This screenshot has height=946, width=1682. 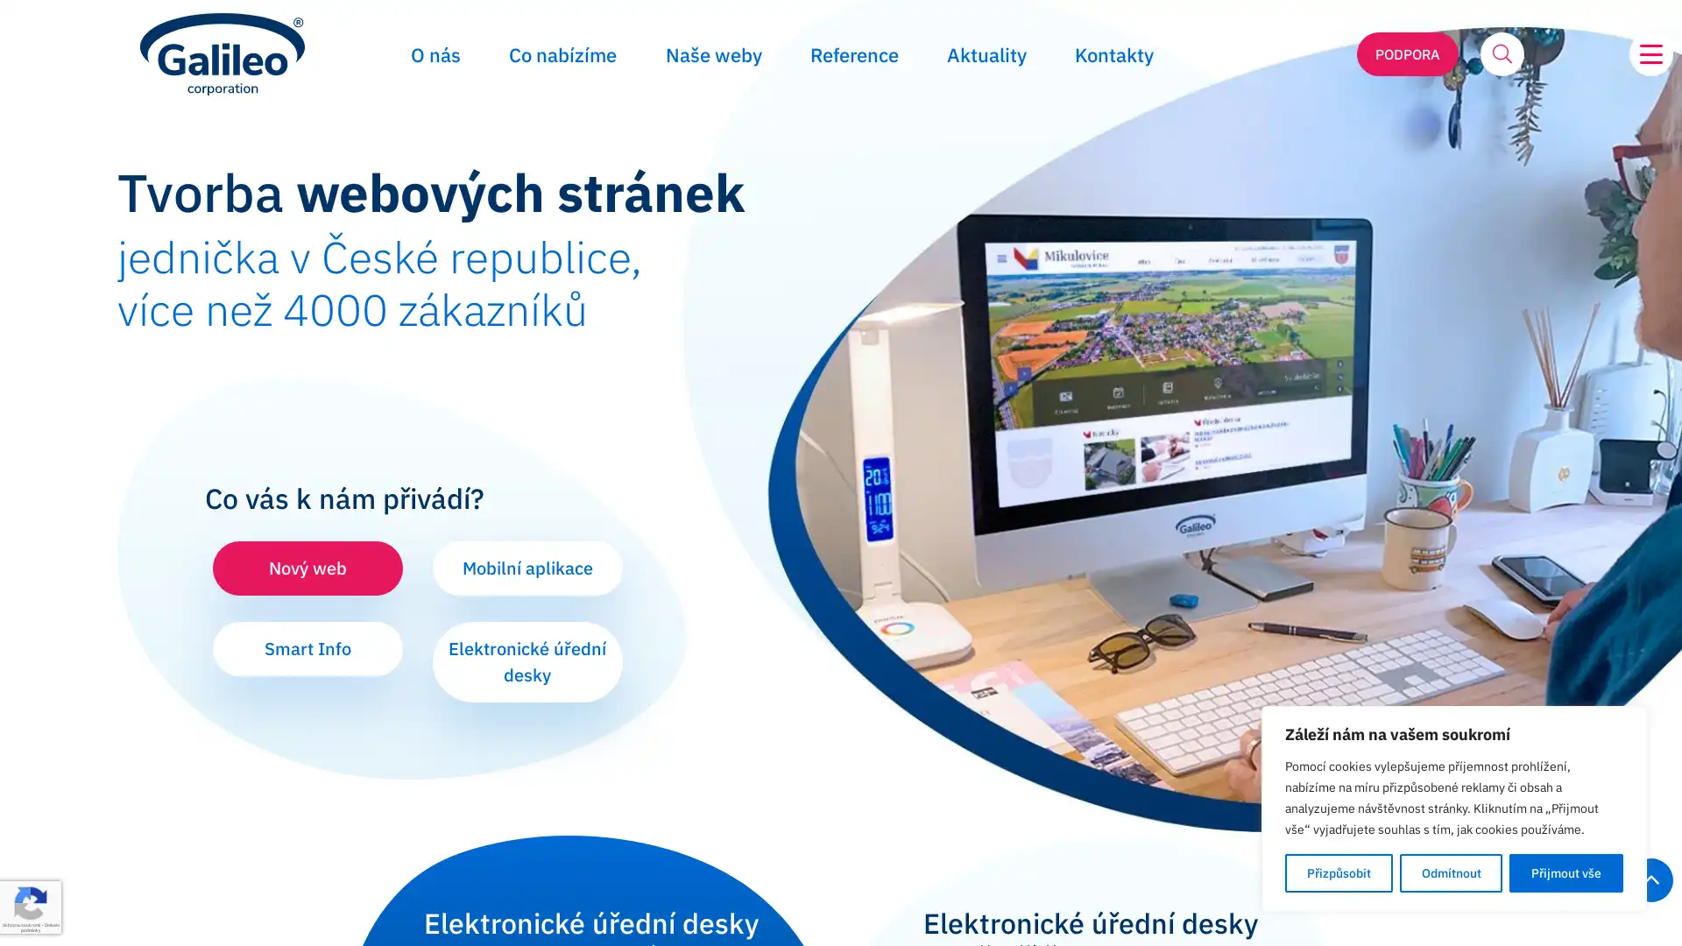 I want to click on Prijmout vse, so click(x=1565, y=872).